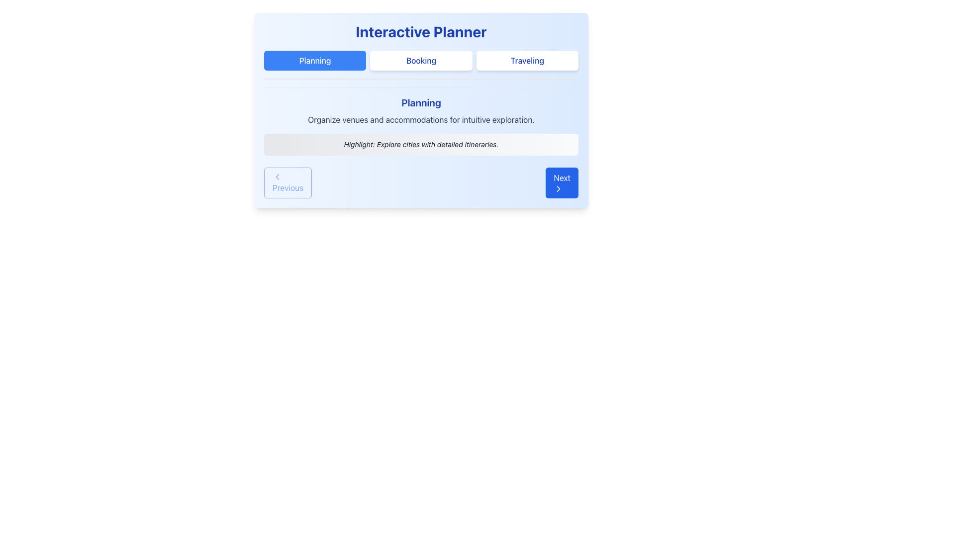 This screenshot has width=955, height=537. What do you see at coordinates (421, 121) in the screenshot?
I see `the informational section with the header 'Planning' which contains details about organizing venues and a highlighted text block about exploring cities` at bounding box center [421, 121].